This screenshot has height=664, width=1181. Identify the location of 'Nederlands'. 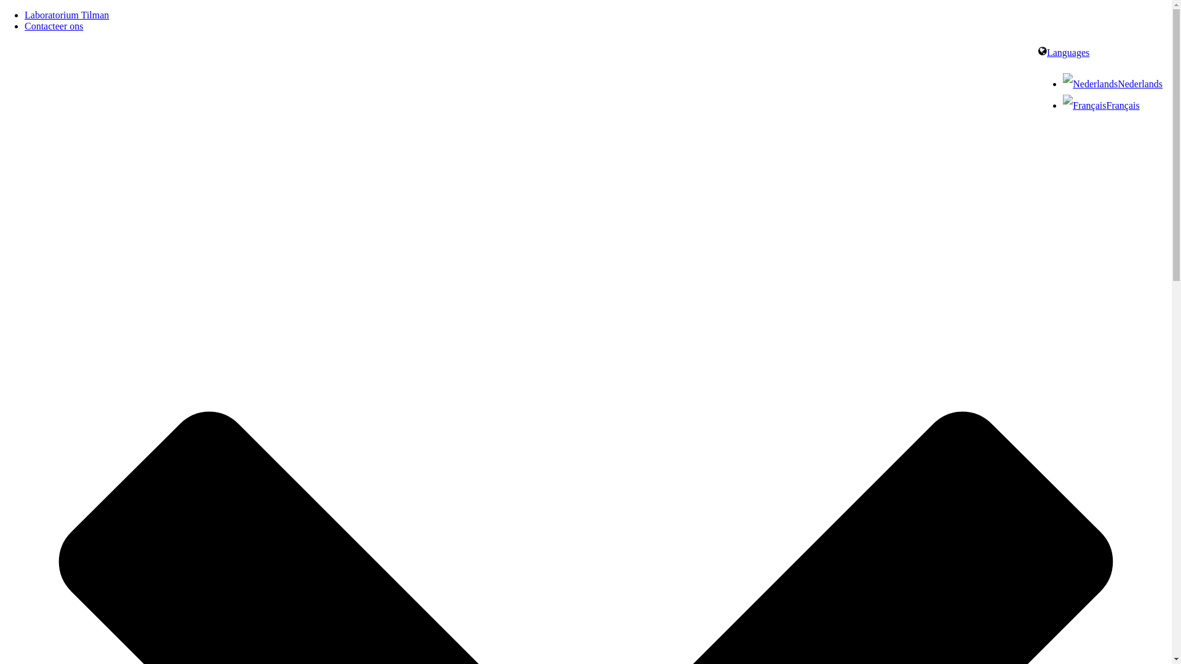
(1062, 83).